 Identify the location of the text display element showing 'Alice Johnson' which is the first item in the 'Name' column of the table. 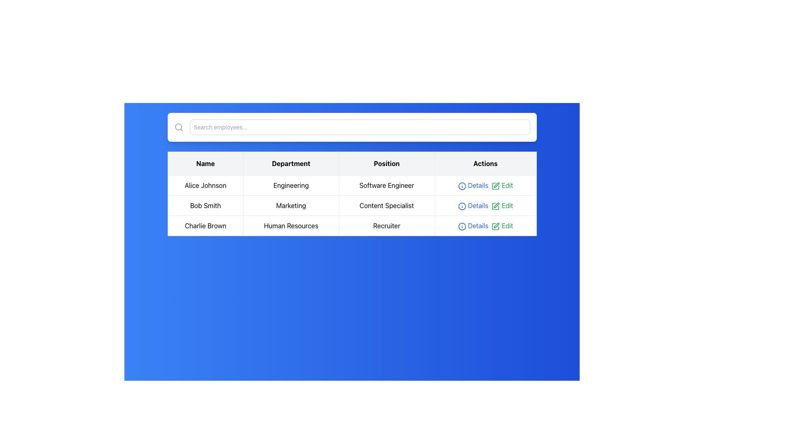
(206, 185).